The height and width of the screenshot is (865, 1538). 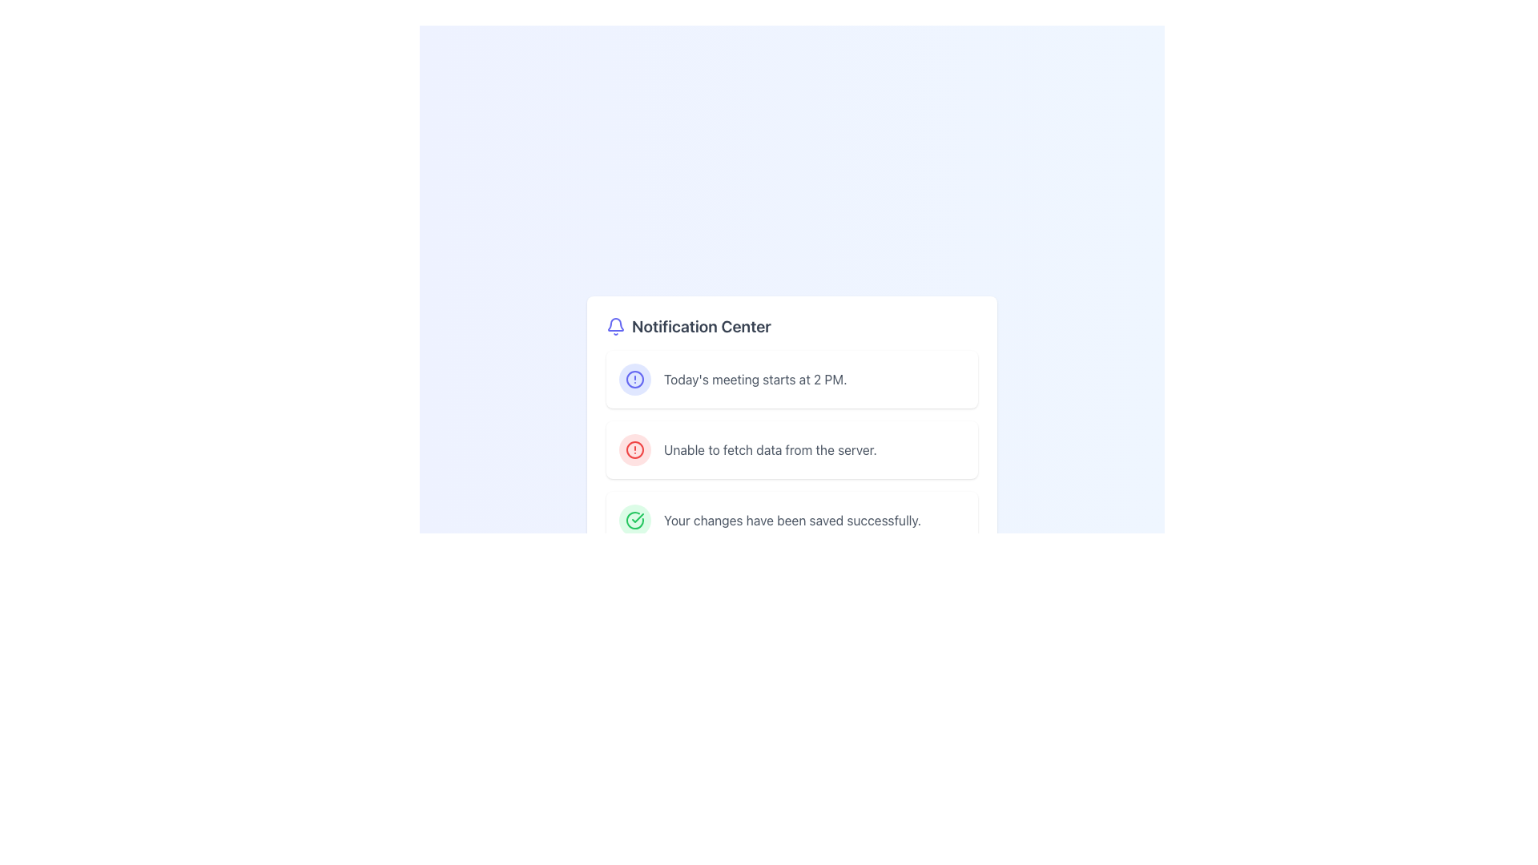 What do you see at coordinates (634, 380) in the screenshot?
I see `the alert icon representing an alert symbol with a central exclamation mark, located in the second notification entry from the top in the notification list` at bounding box center [634, 380].